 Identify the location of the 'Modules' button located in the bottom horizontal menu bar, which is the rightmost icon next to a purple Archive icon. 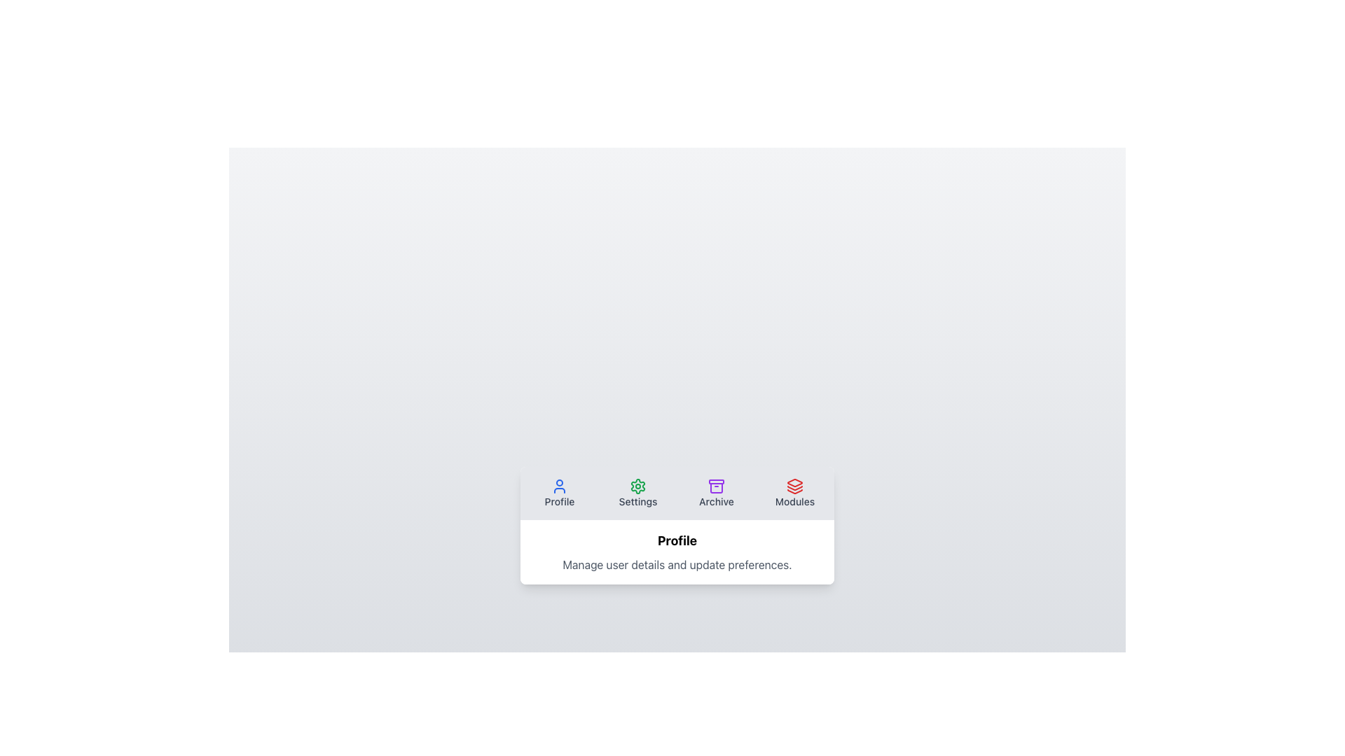
(794, 485).